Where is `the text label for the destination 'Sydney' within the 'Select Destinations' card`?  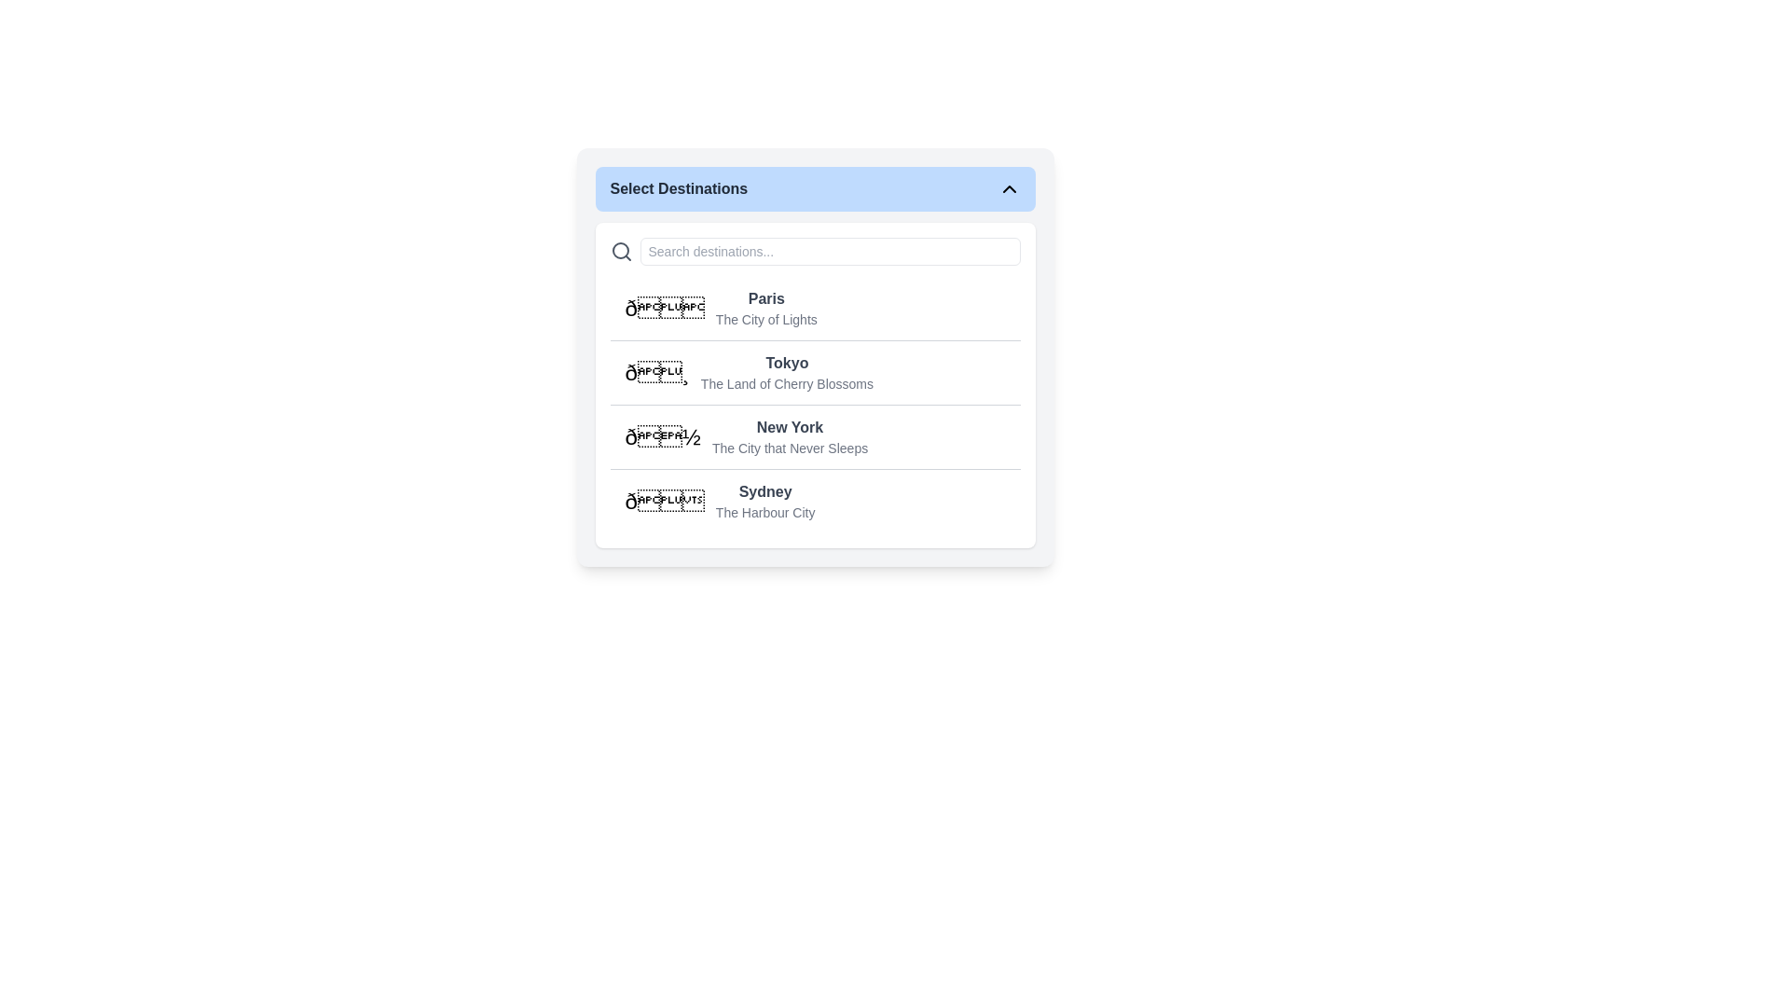 the text label for the destination 'Sydney' within the 'Select Destinations' card is located at coordinates (765, 500).